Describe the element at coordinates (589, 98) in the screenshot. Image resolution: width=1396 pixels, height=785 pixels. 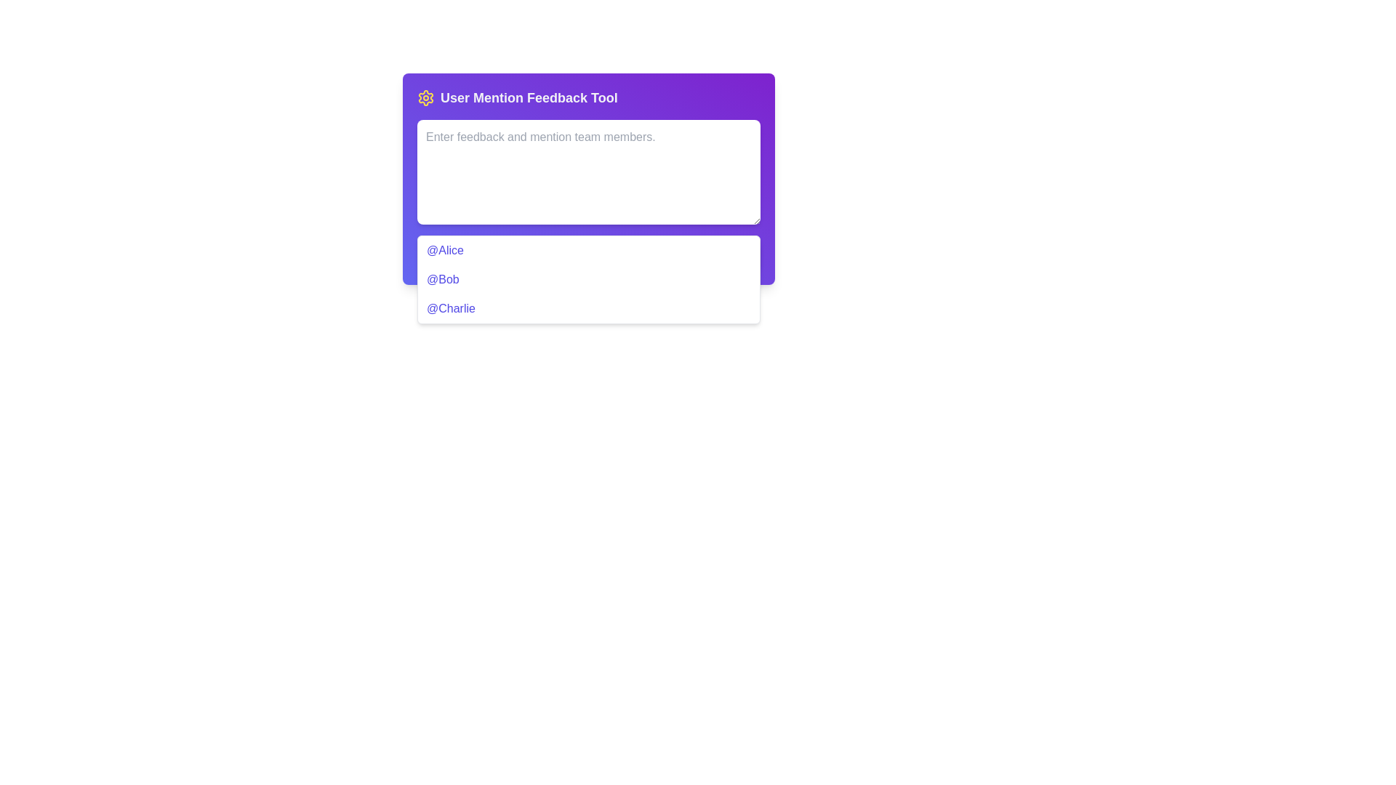
I see `the Header or Title element, which serves as the topmost component providing context to the user` at that location.